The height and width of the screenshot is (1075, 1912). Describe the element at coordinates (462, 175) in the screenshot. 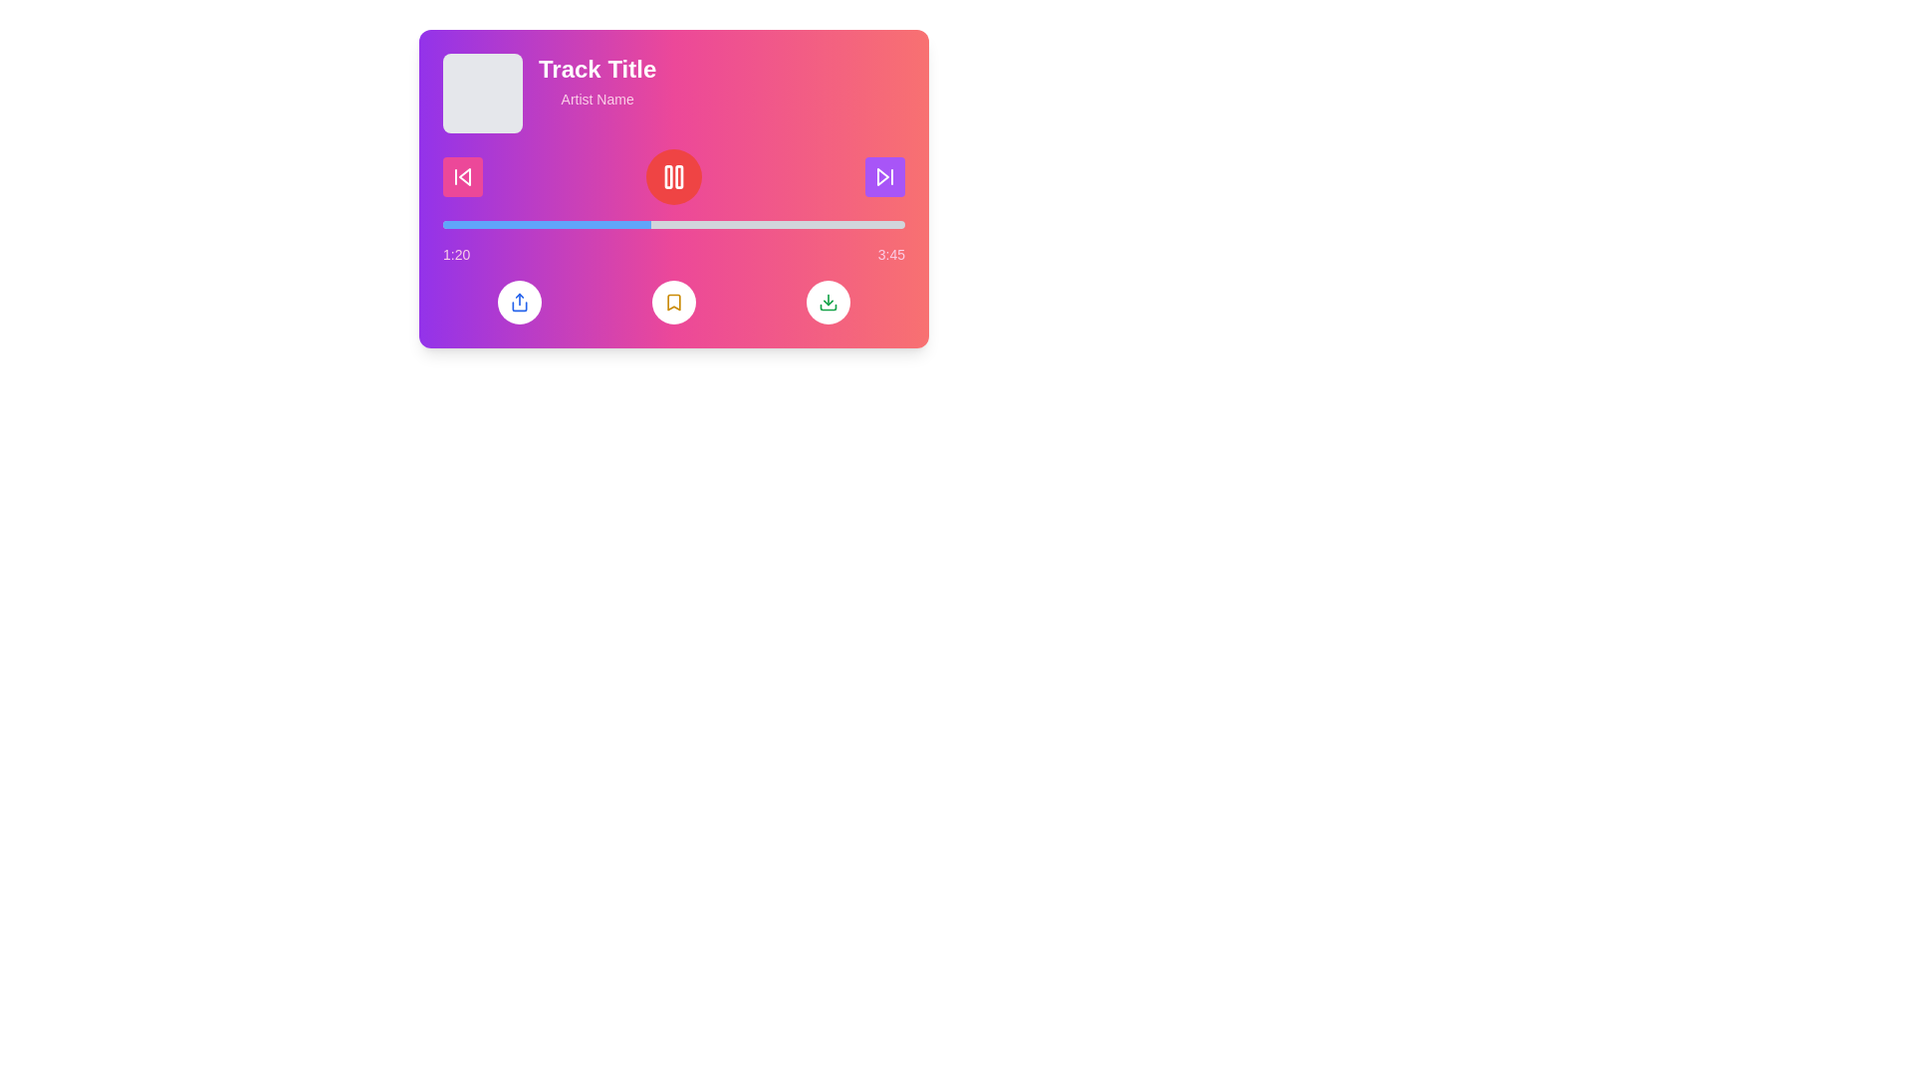

I see `the compact pink button with a skip-backward icon` at that location.